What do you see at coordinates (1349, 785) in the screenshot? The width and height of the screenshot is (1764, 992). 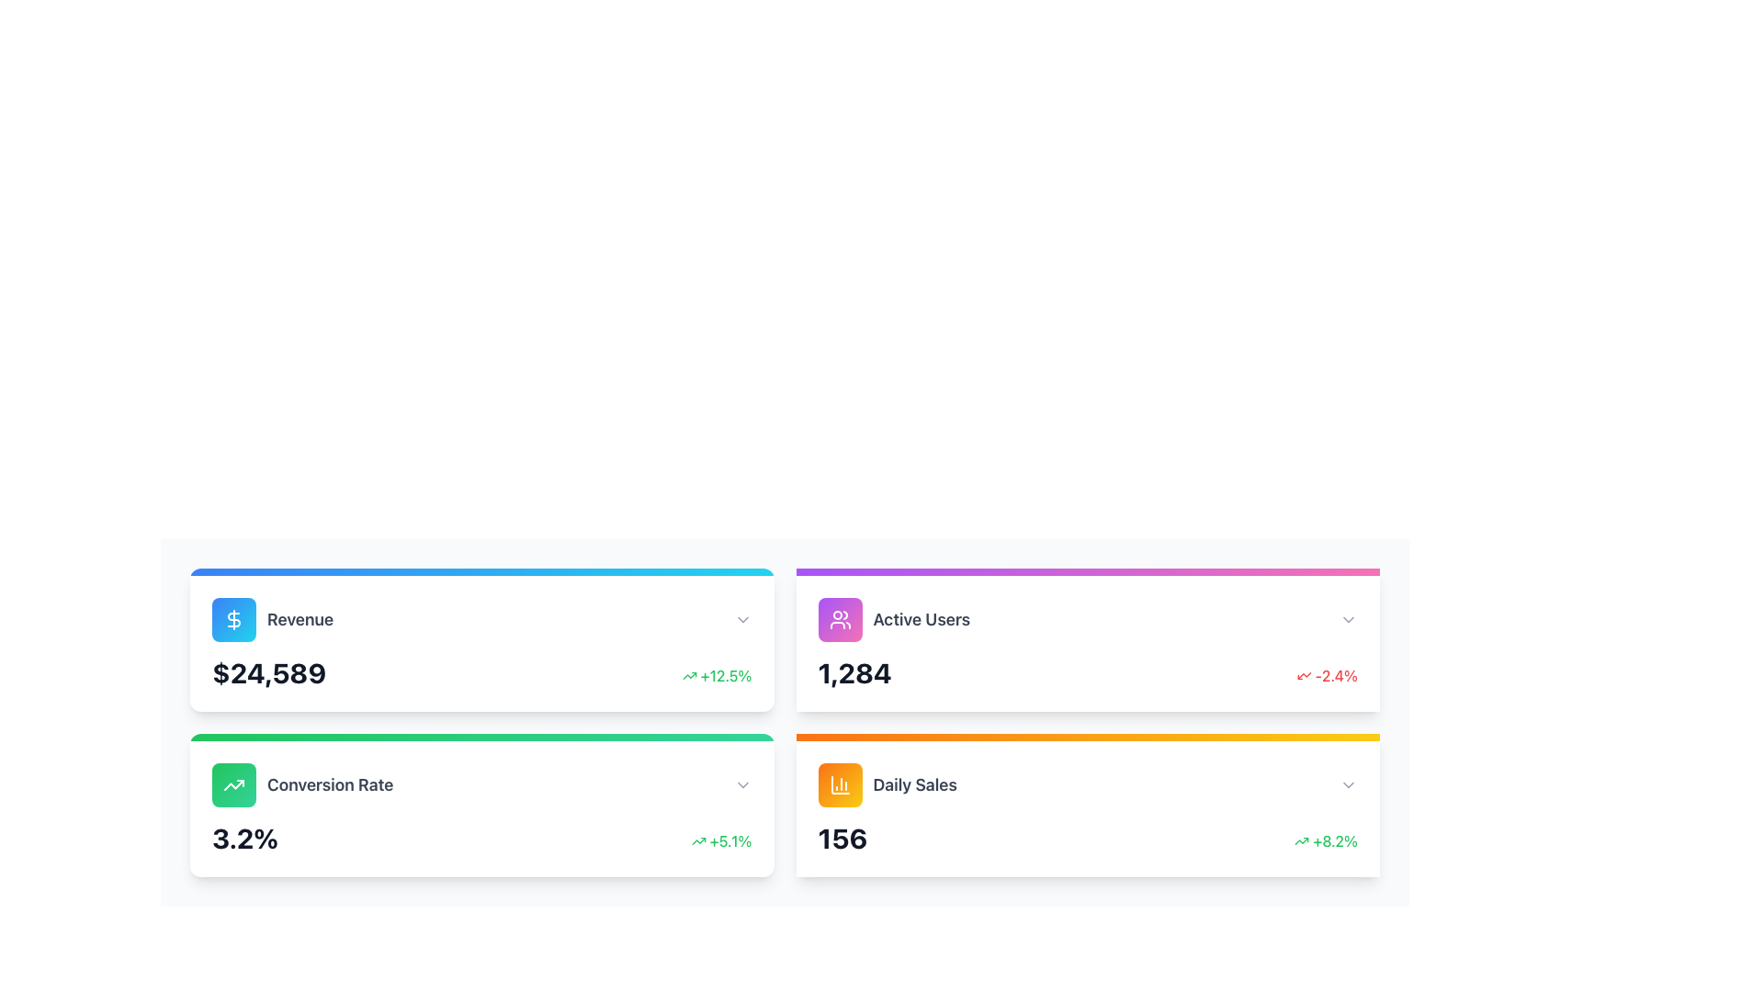 I see `the downward-facing chevron icon, which is styled in light gray and located to the far right of the 'Daily Sales' card` at bounding box center [1349, 785].